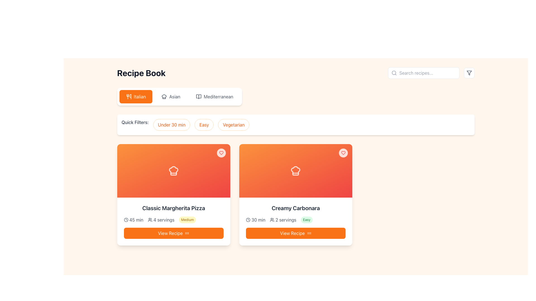 This screenshot has height=301, width=536. I want to click on the vibrant orange button labeled 'Italian' with a utensils icon, located below the 'Recipe Book' heading, so click(136, 96).